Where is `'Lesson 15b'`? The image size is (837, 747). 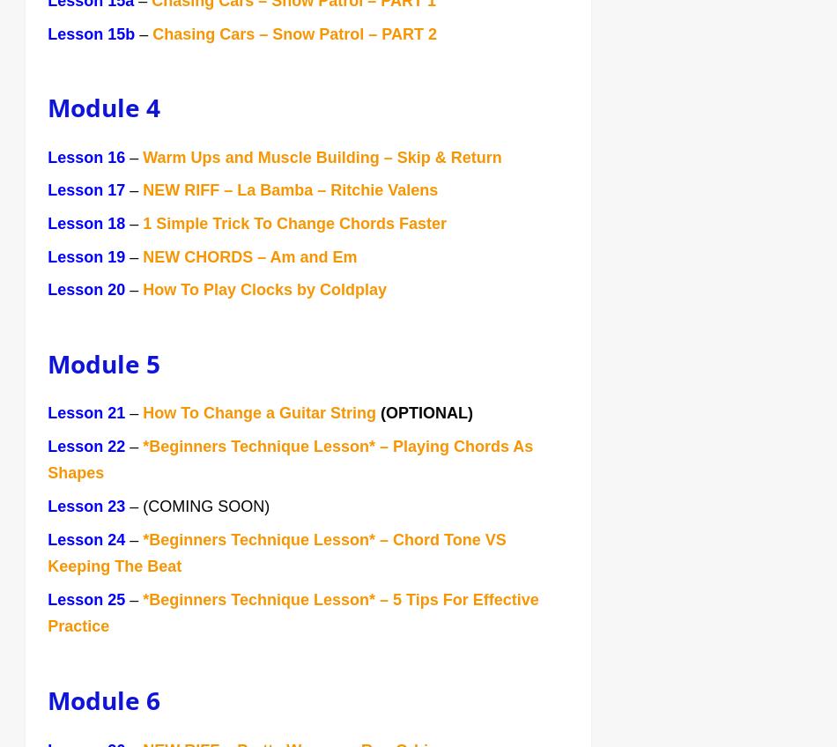 'Lesson 15b' is located at coordinates (91, 34).